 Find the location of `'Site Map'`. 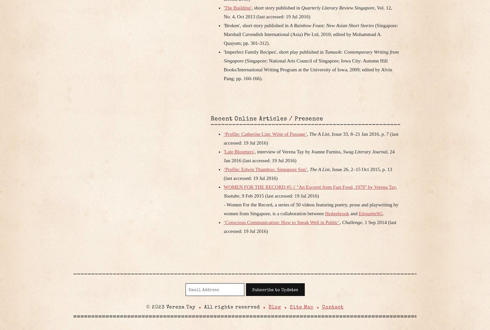

'Site Map' is located at coordinates (302, 306).